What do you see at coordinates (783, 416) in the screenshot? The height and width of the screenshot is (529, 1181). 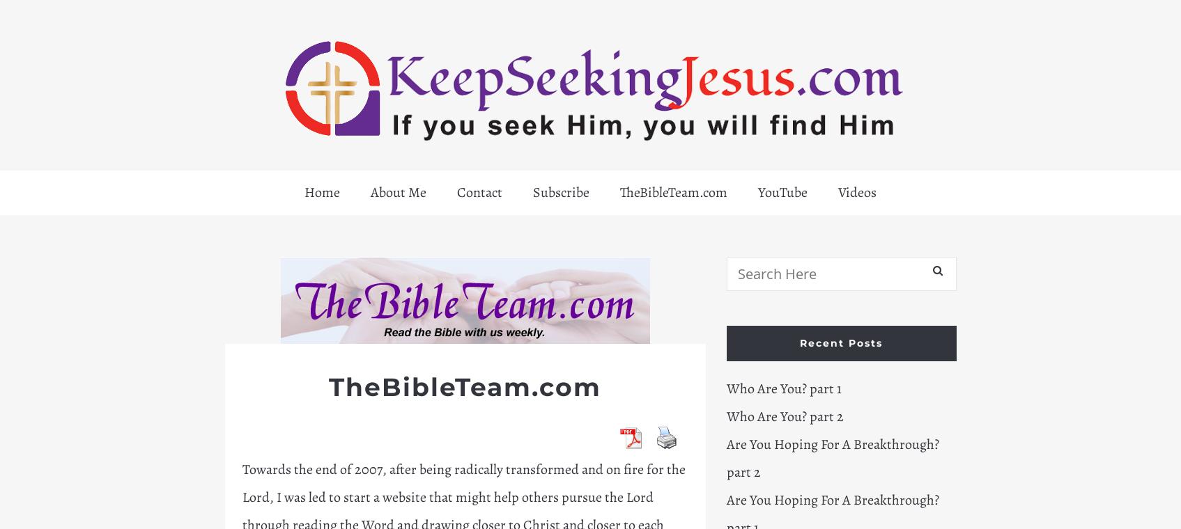 I see `'Who Are You? part 2'` at bounding box center [783, 416].